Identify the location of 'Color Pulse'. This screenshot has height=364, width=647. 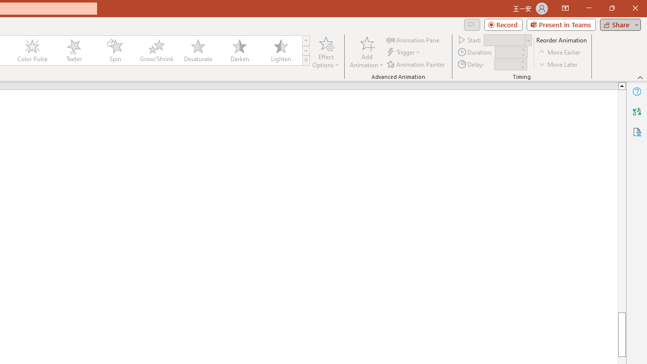
(32, 51).